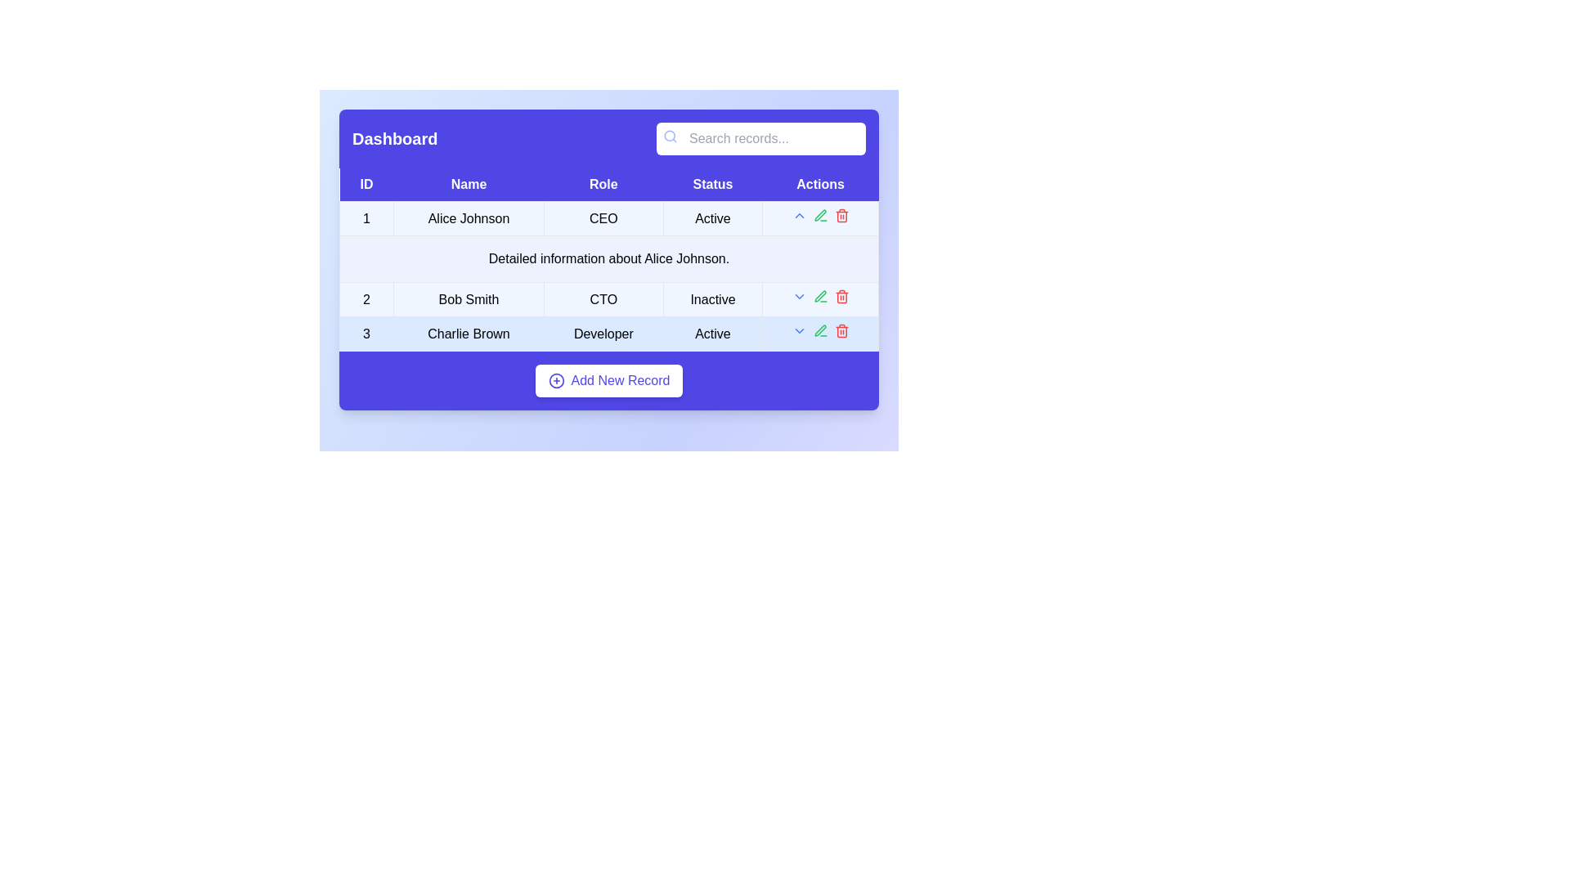 This screenshot has height=883, width=1570. What do you see at coordinates (670, 135) in the screenshot?
I see `the inner circle of the search icon located in the top-right section of the interface` at bounding box center [670, 135].